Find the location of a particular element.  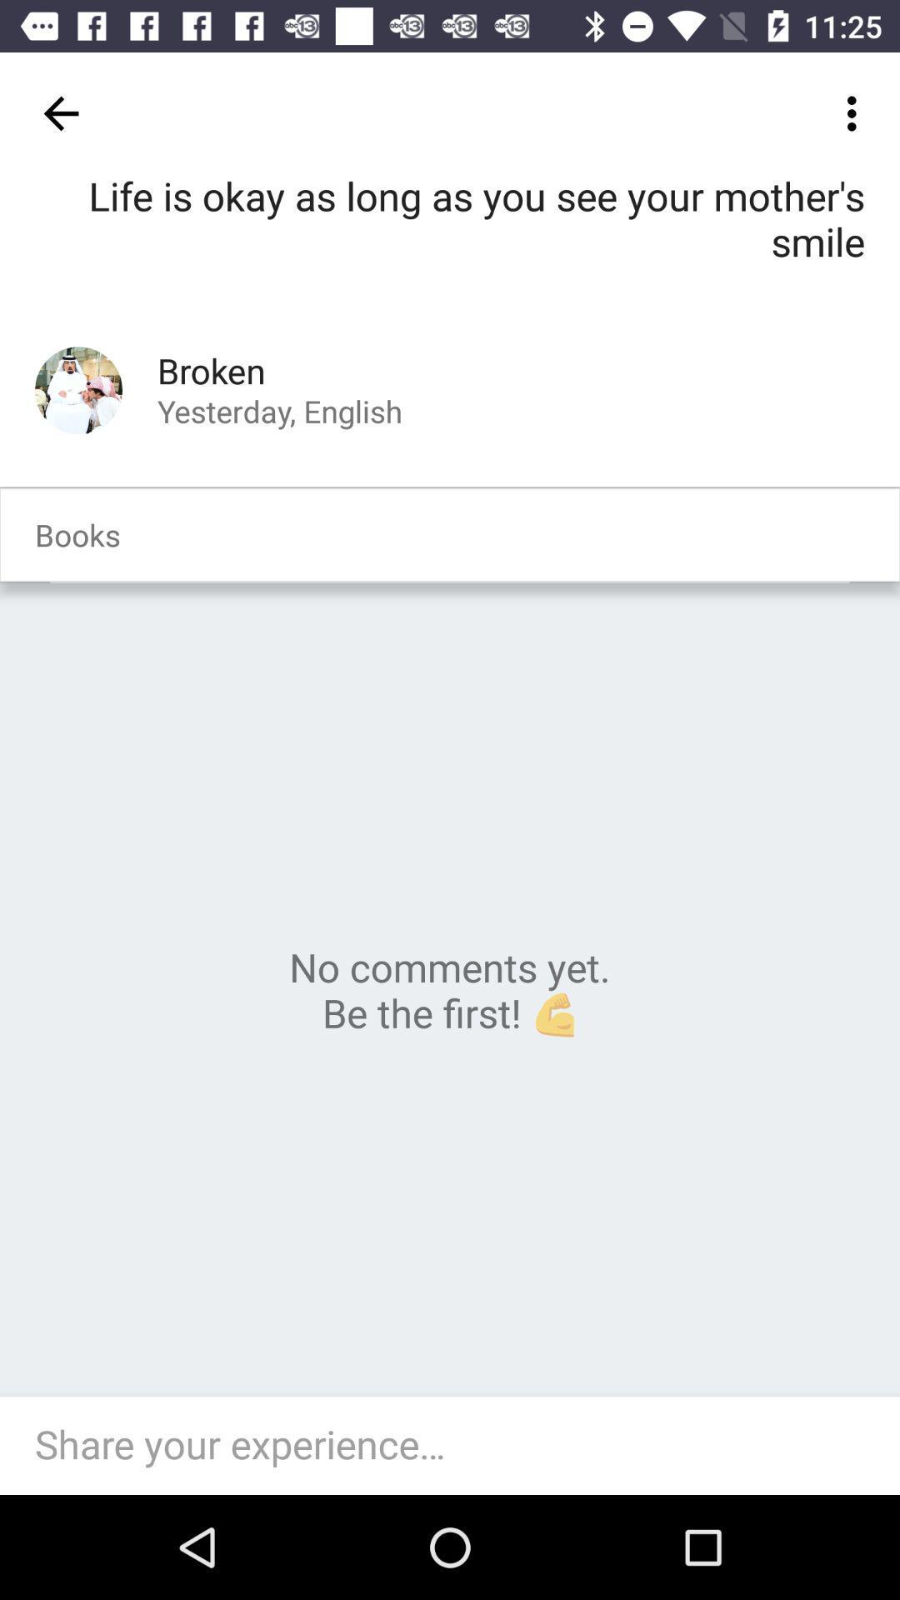

icon below the no comments yet icon is located at coordinates (458, 1445).